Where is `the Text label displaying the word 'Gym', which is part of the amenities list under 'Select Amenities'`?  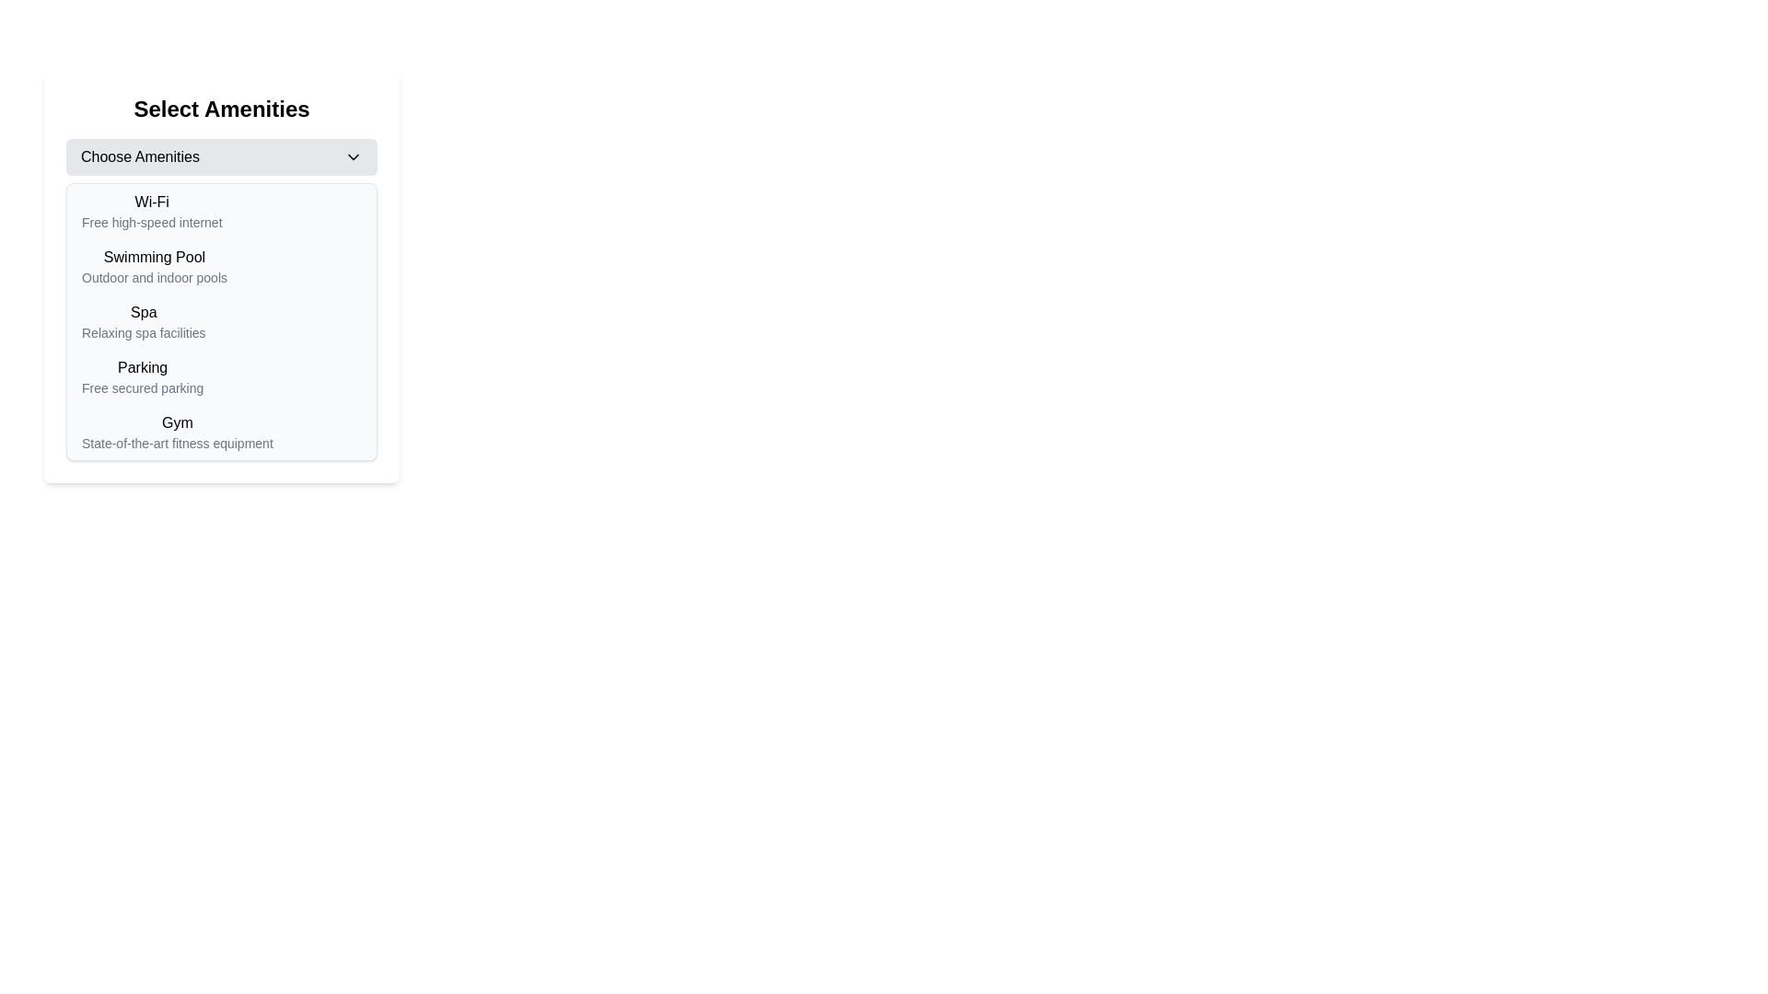
the Text label displaying the word 'Gym', which is part of the amenities list under 'Select Amenities' is located at coordinates (177, 422).